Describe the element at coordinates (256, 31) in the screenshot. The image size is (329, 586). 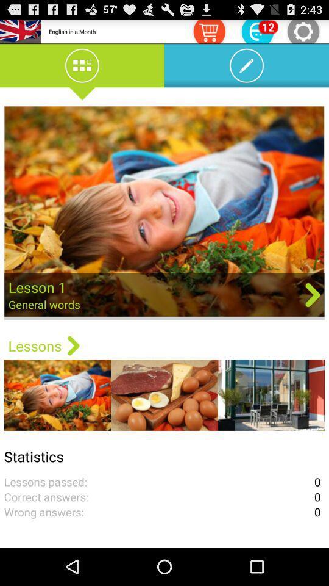
I see `your notifications` at that location.